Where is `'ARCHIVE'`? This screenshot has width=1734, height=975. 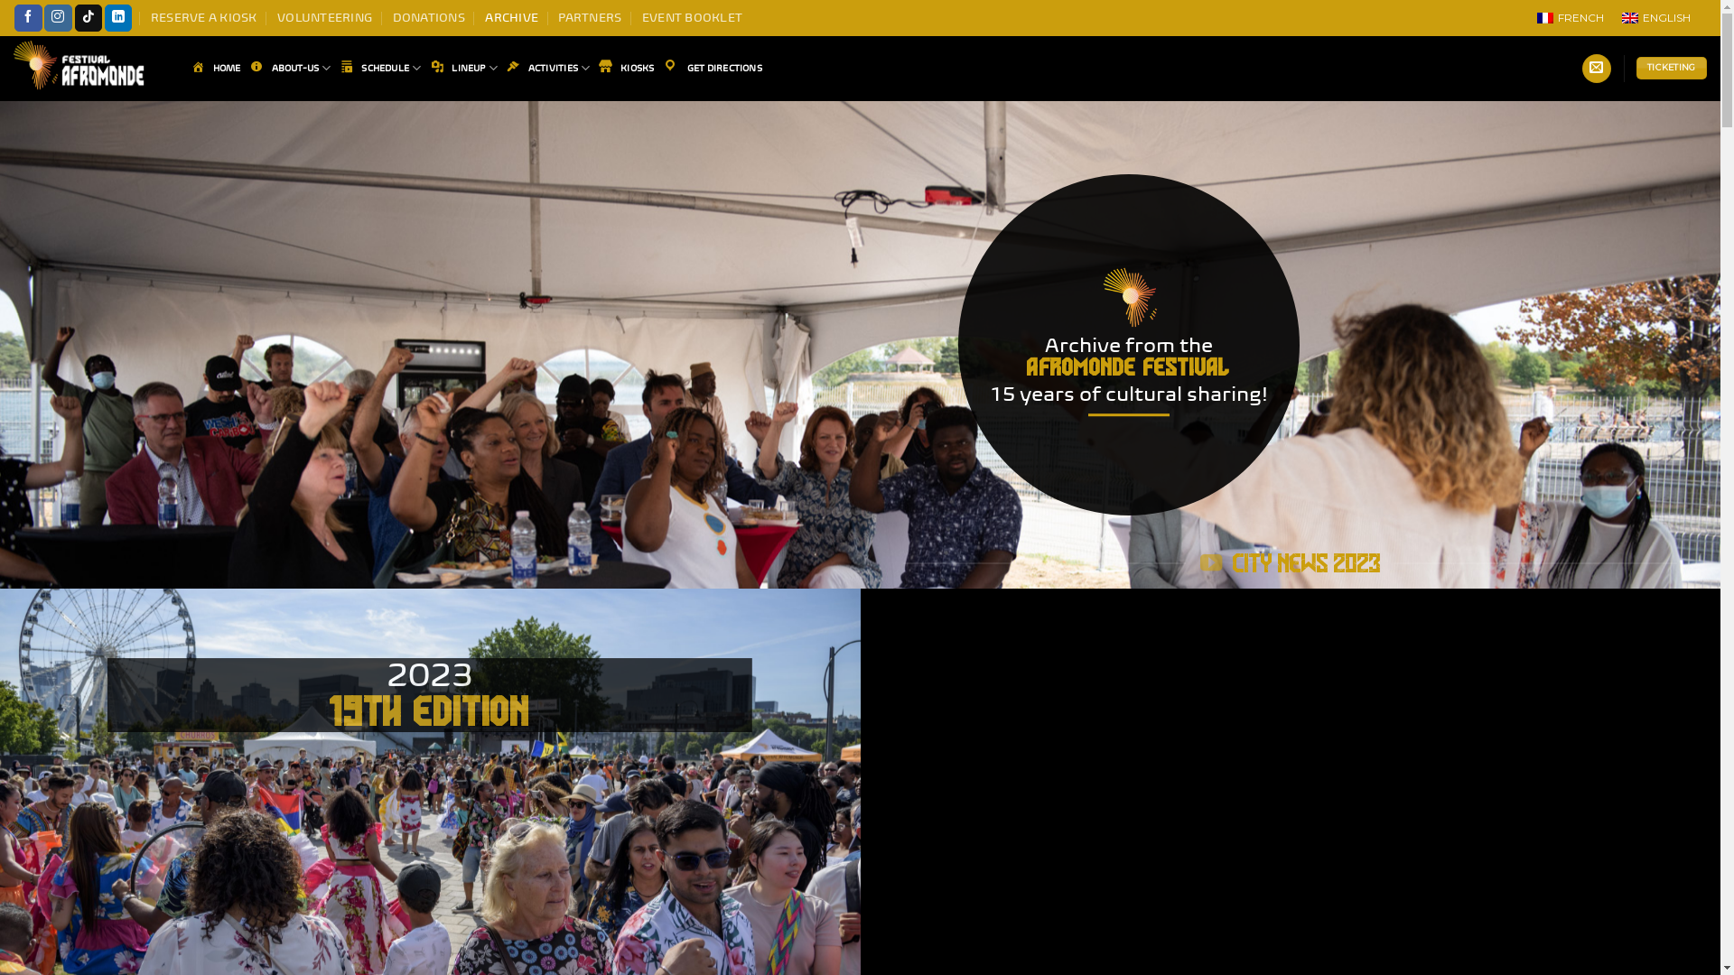 'ARCHIVE' is located at coordinates (510, 17).